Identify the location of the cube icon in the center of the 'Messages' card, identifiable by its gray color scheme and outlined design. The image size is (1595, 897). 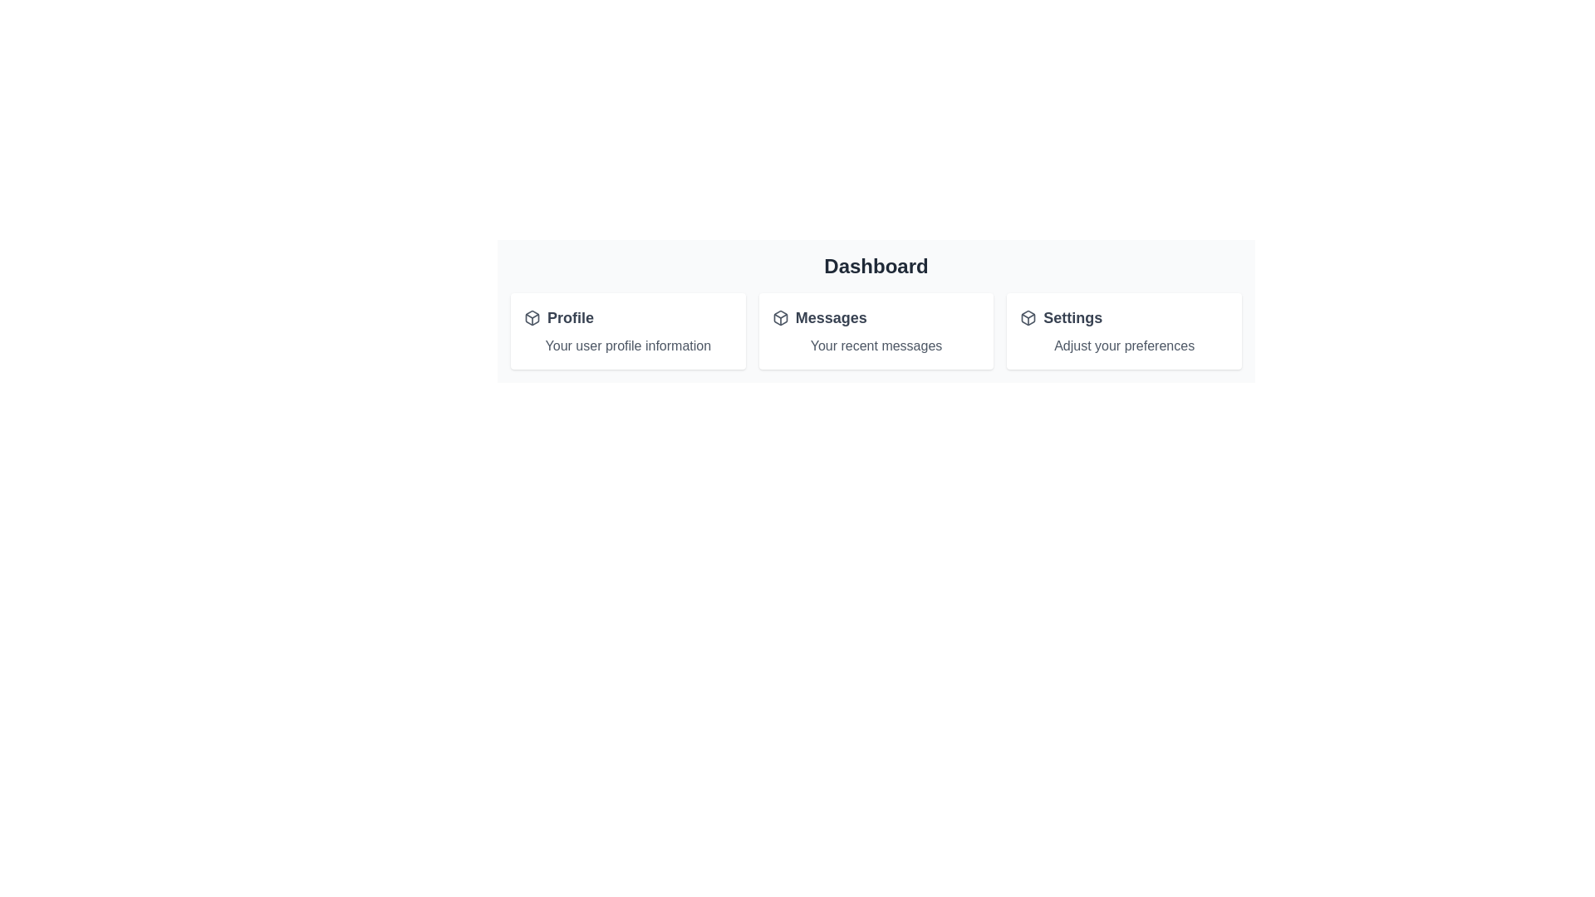
(779, 317).